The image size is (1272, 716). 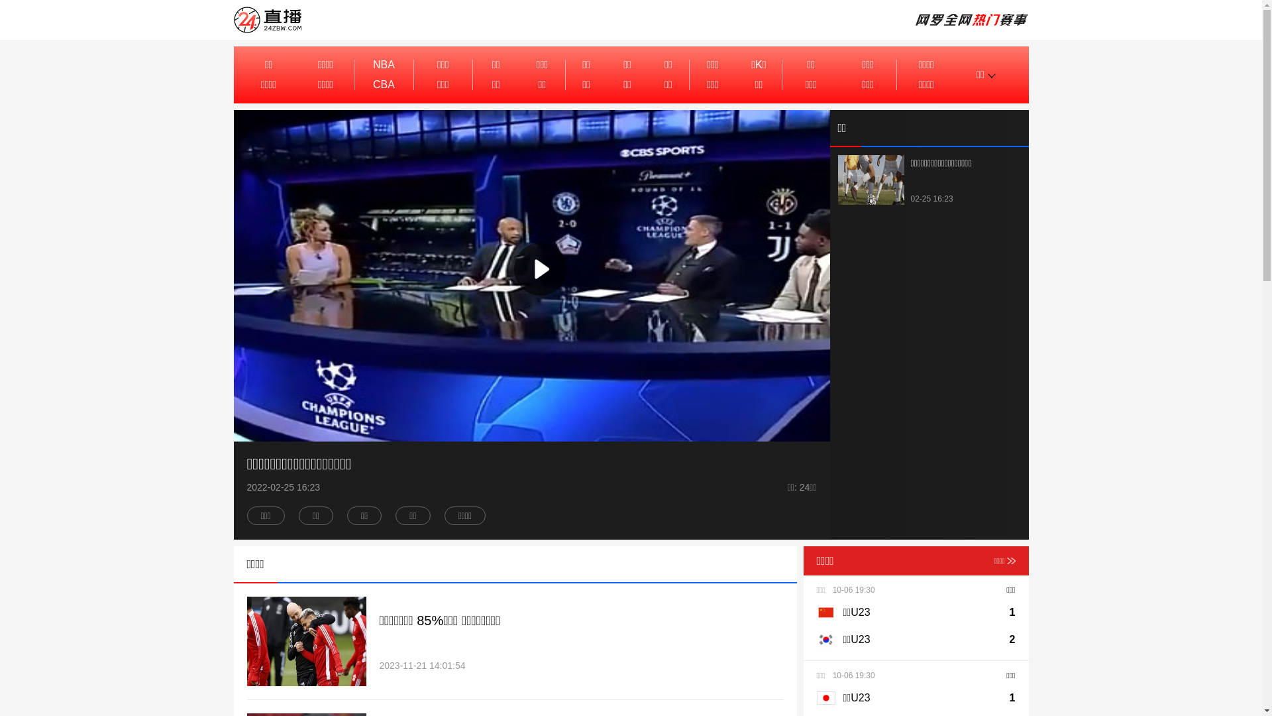 I want to click on 'CBA', so click(x=383, y=84).